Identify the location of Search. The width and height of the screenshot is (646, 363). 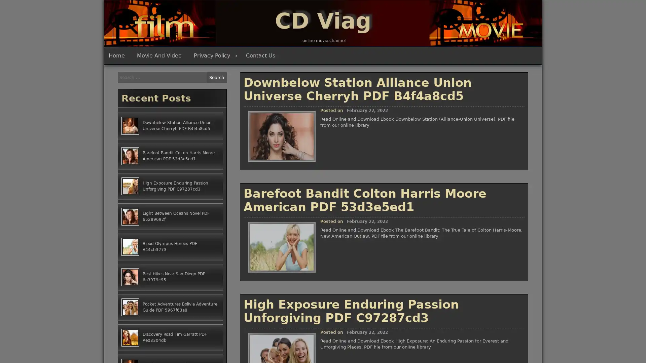
(216, 77).